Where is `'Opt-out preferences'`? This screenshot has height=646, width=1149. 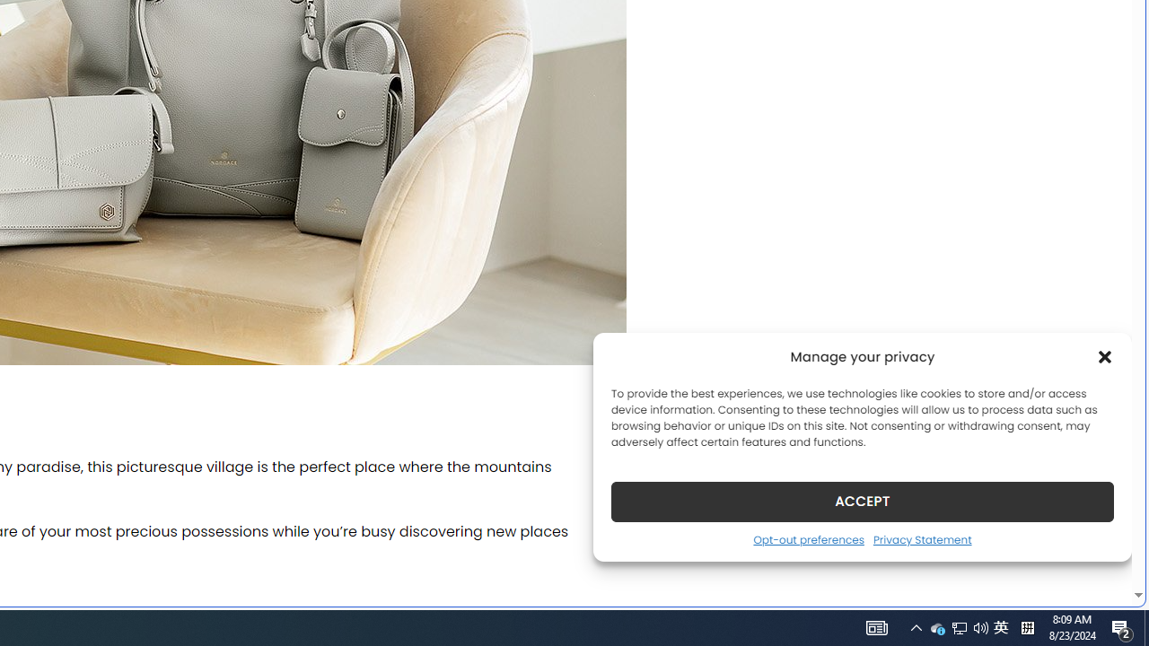
'Opt-out preferences' is located at coordinates (807, 538).